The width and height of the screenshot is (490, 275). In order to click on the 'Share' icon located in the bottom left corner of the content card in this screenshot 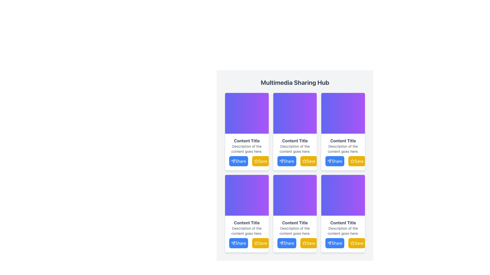, I will do `click(329, 242)`.